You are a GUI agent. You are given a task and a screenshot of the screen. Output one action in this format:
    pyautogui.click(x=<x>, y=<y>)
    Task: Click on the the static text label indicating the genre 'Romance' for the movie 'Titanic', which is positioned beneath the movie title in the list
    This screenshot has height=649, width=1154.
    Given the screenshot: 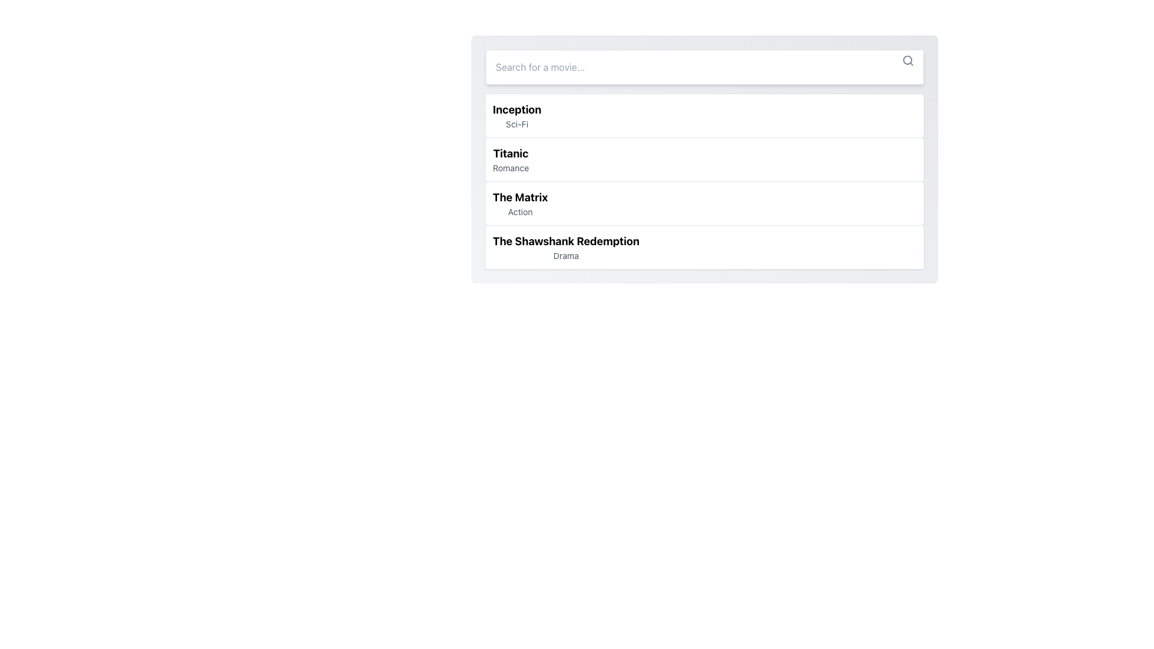 What is the action you would take?
    pyautogui.click(x=510, y=168)
    